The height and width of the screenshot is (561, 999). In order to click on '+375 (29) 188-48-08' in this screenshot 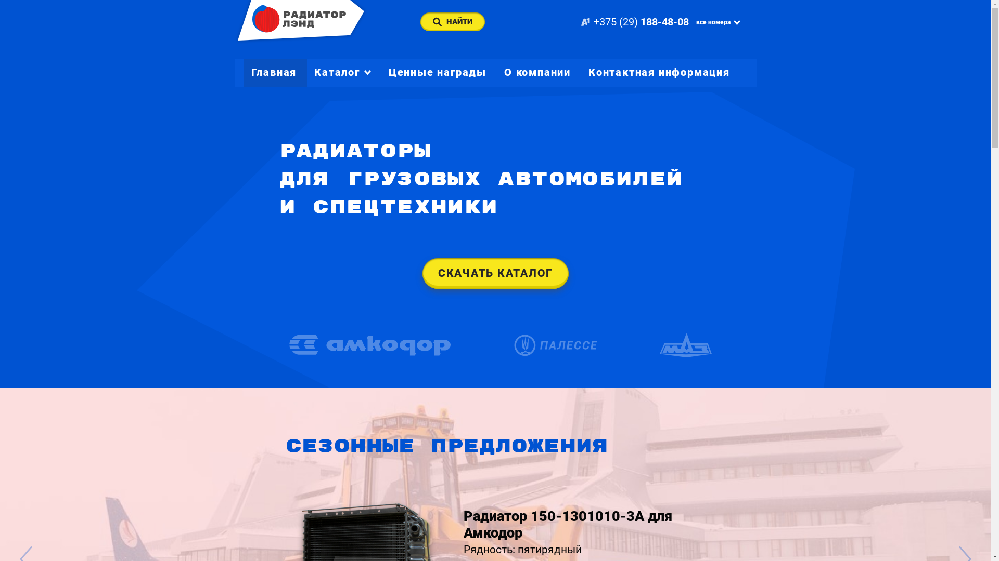, I will do `click(580, 22)`.